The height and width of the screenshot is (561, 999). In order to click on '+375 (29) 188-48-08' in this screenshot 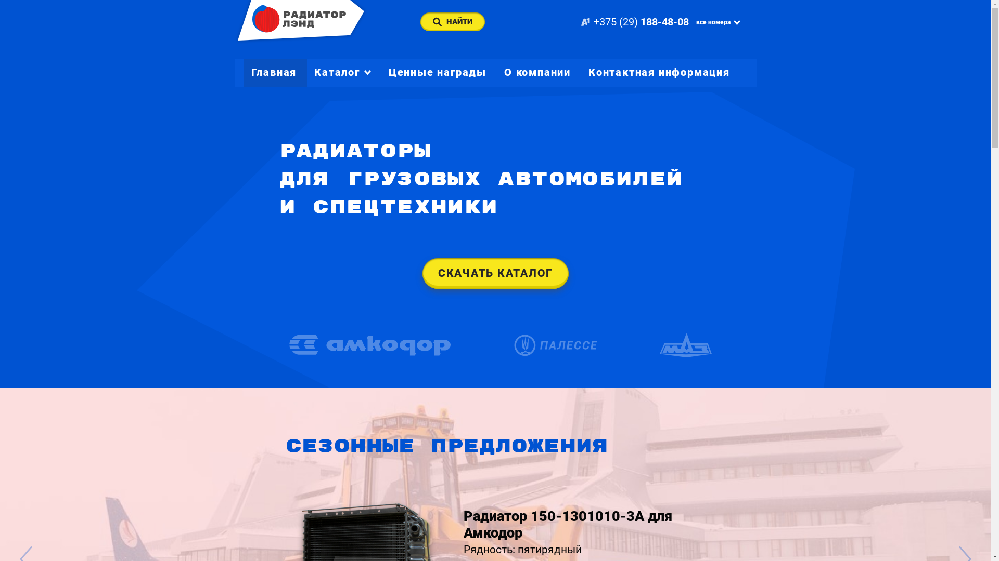, I will do `click(580, 22)`.